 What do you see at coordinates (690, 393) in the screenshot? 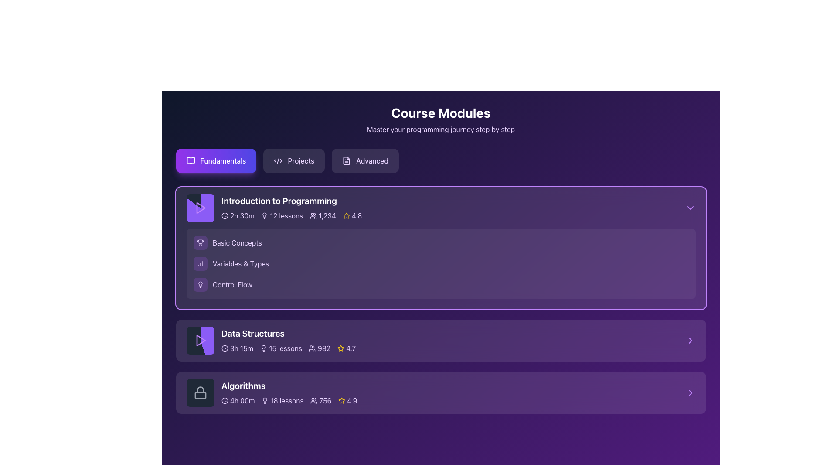
I see `the right-pointing purple arrow icon located at the bottom right corner of the 'Algorithms' section` at bounding box center [690, 393].